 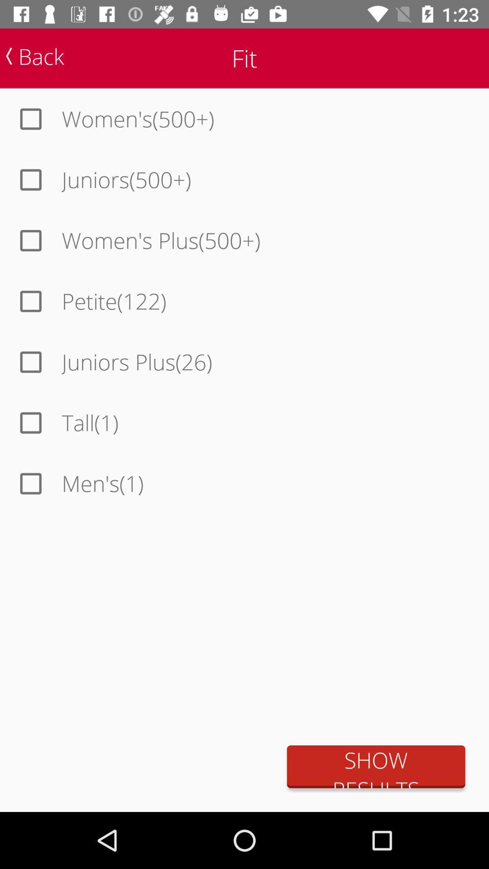 What do you see at coordinates (376, 766) in the screenshot?
I see `the show results item` at bounding box center [376, 766].